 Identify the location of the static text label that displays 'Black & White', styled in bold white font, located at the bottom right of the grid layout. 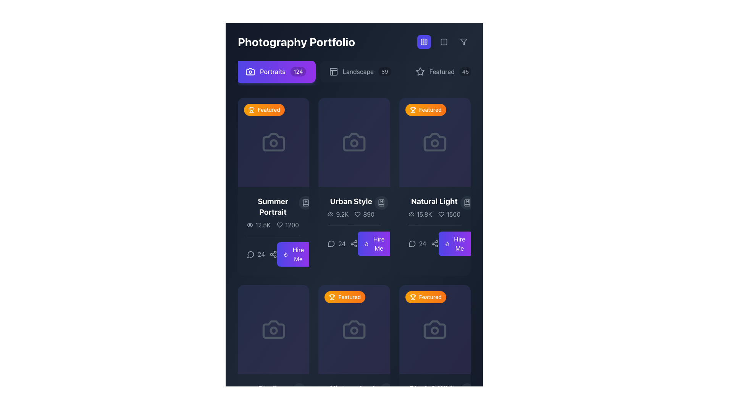
(434, 389).